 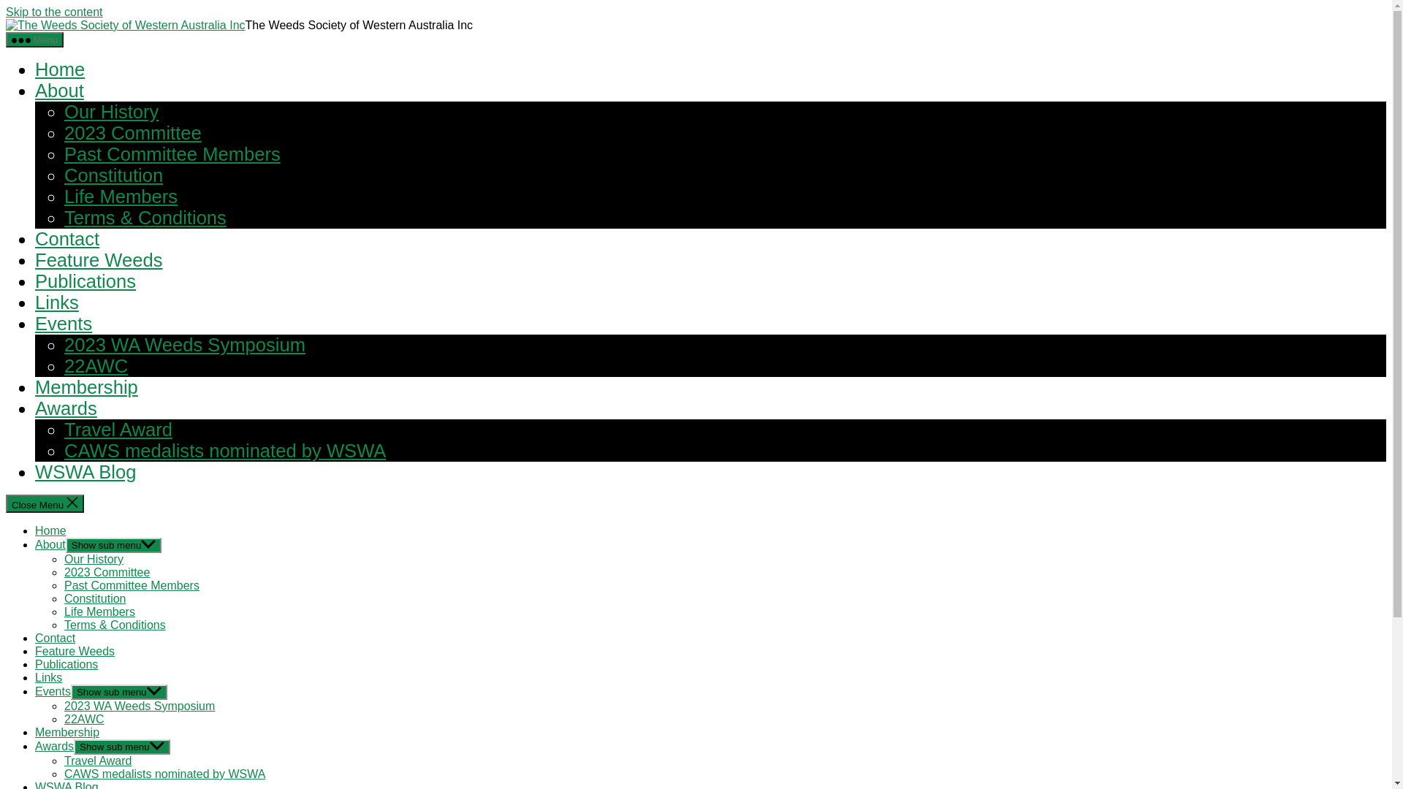 I want to click on 'Home', so click(x=58, y=69).